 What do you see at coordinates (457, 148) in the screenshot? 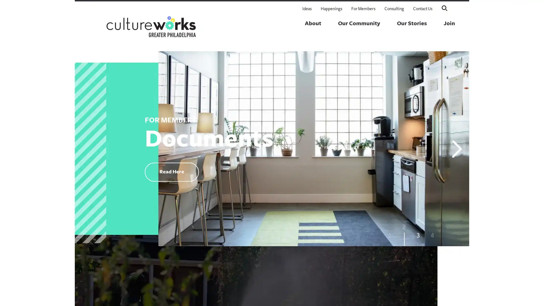
I see `Next` at bounding box center [457, 148].